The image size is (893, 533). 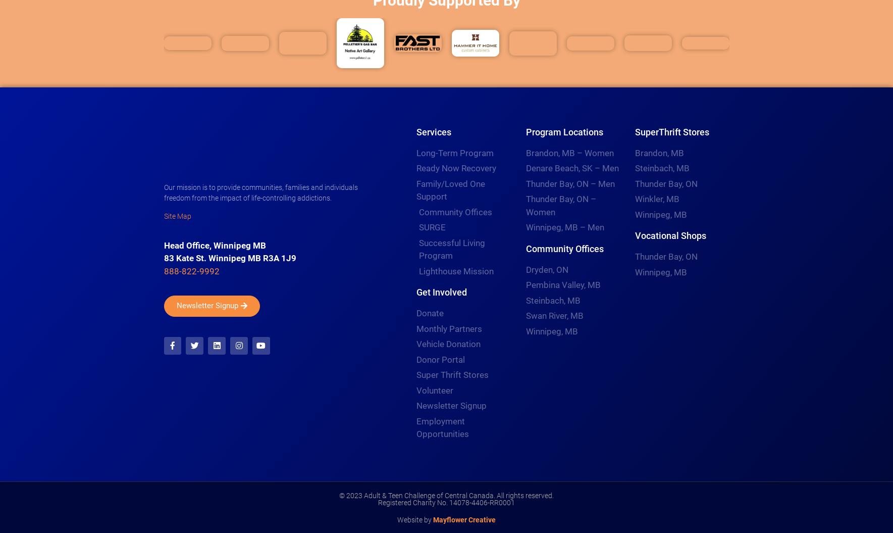 What do you see at coordinates (414, 518) in the screenshot?
I see `'Website by'` at bounding box center [414, 518].